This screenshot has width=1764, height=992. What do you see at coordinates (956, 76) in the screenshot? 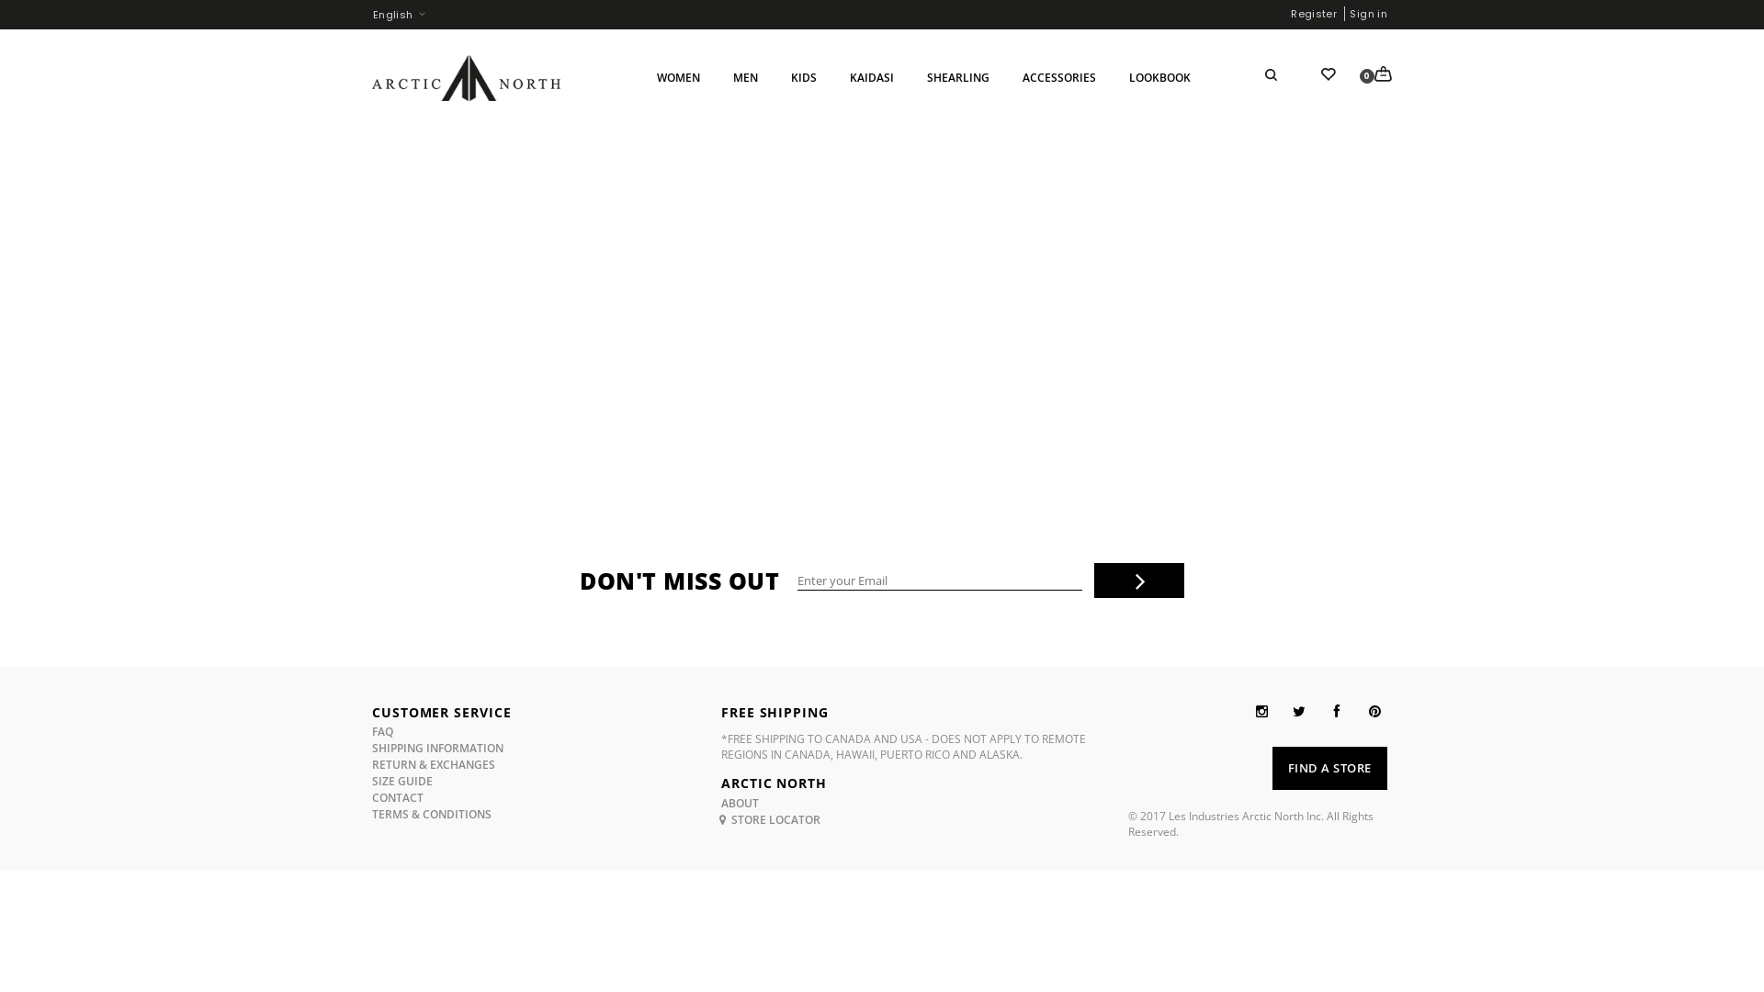
I see `'SHEARLING'` at bounding box center [956, 76].